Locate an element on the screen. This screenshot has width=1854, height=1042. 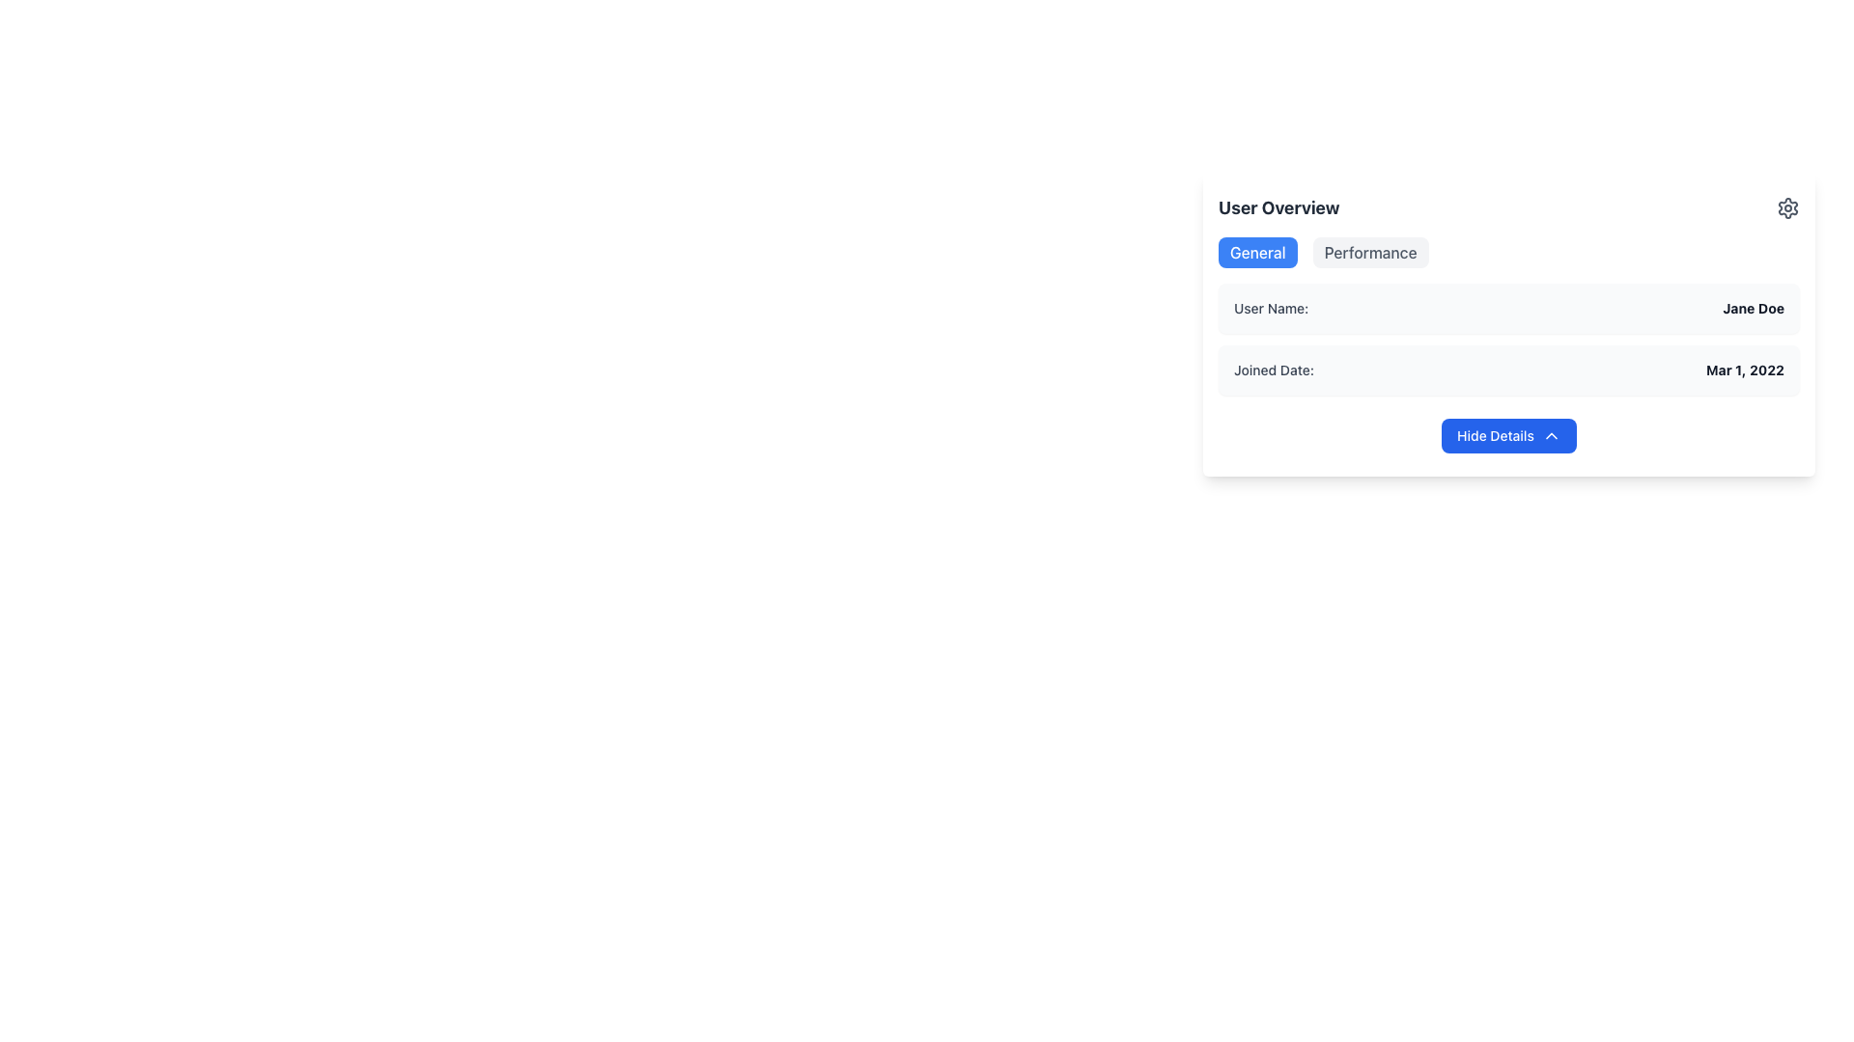
the Text Label that indicates the user's name, positioned to the left of the data field with 'Jane Doe' below it is located at coordinates (1271, 308).